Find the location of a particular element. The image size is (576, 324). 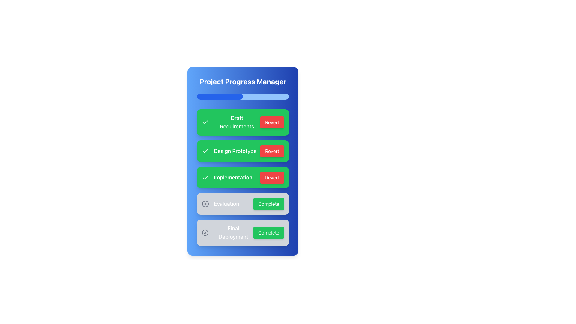

the 'Implementation' phase List Item with embedded Button, which is the third item in a vertical list that indicates completion with a green color and checkmark is located at coordinates (243, 177).